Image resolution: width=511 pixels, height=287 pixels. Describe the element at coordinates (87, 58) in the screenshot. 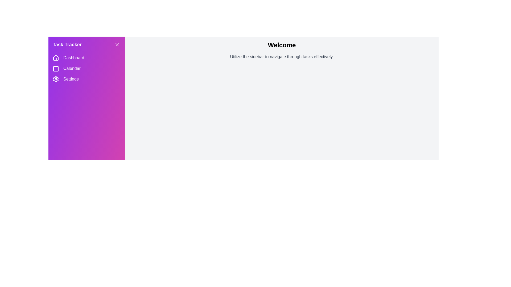

I see `the menu item labeled Dashboard` at that location.